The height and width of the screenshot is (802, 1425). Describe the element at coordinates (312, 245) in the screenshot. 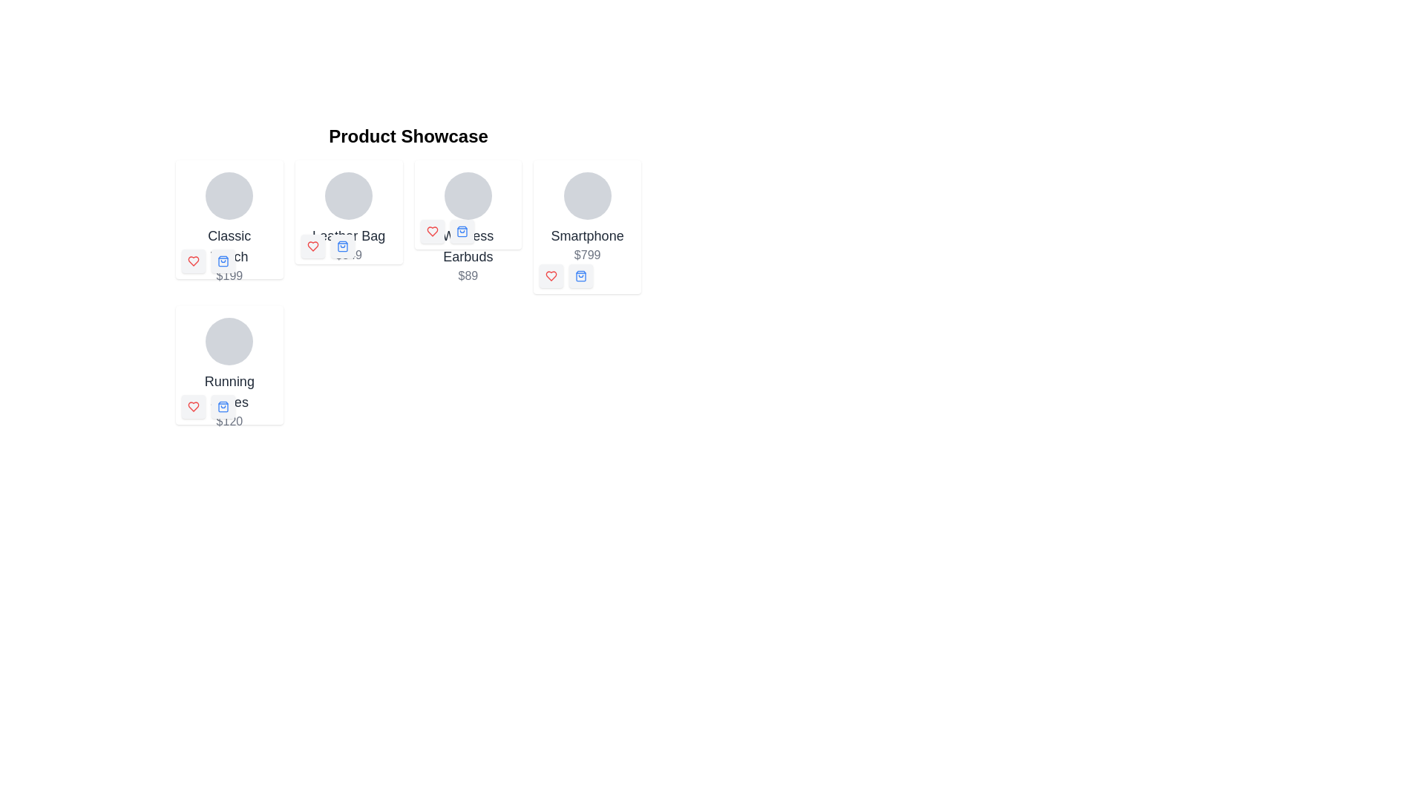

I see `the heart icon located at the bottom-left of the card displaying the 'Leather Bag' item` at that location.